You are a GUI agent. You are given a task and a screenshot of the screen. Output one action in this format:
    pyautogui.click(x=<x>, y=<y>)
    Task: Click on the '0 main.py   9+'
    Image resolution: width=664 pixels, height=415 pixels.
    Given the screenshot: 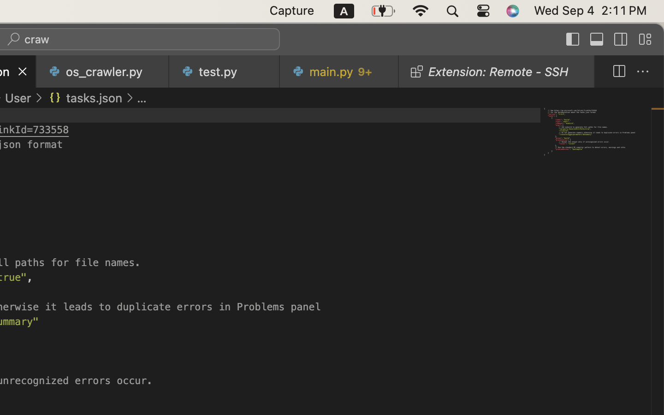 What is the action you would take?
    pyautogui.click(x=339, y=71)
    